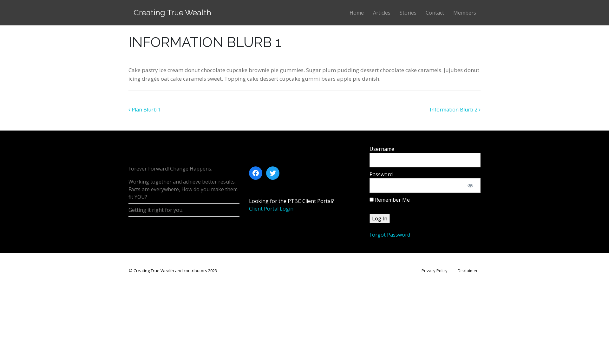 Image resolution: width=609 pixels, height=343 pixels. What do you see at coordinates (464, 12) in the screenshot?
I see `'Members'` at bounding box center [464, 12].